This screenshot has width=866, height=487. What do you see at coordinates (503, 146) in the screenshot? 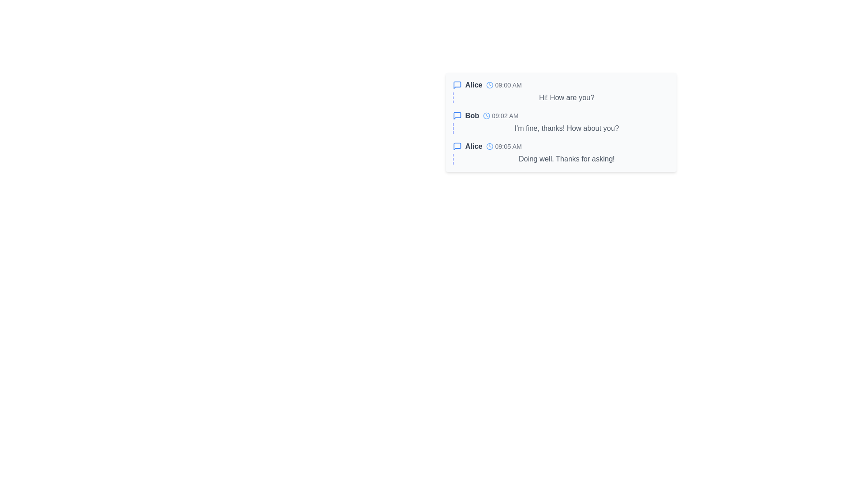
I see `the timestamp label located to the right of 'Alice' in the third chat entry, which indicates when the chat message was sent or last updated` at bounding box center [503, 146].